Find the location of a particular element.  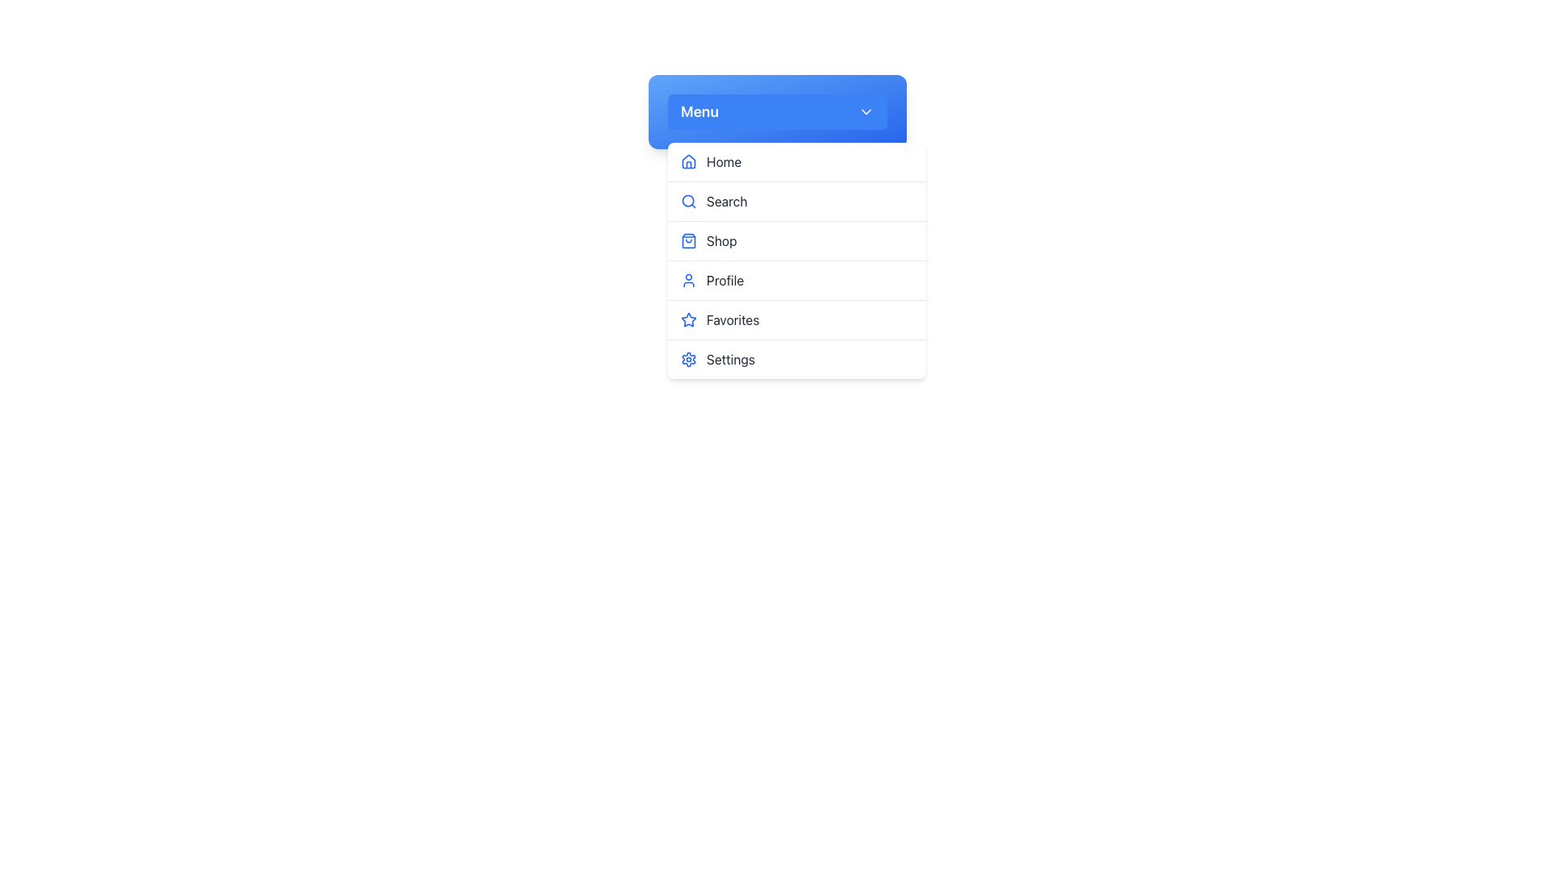

the 'Favorites' menu item, which is the fifth item in the vertical menu list is located at coordinates (797, 320).